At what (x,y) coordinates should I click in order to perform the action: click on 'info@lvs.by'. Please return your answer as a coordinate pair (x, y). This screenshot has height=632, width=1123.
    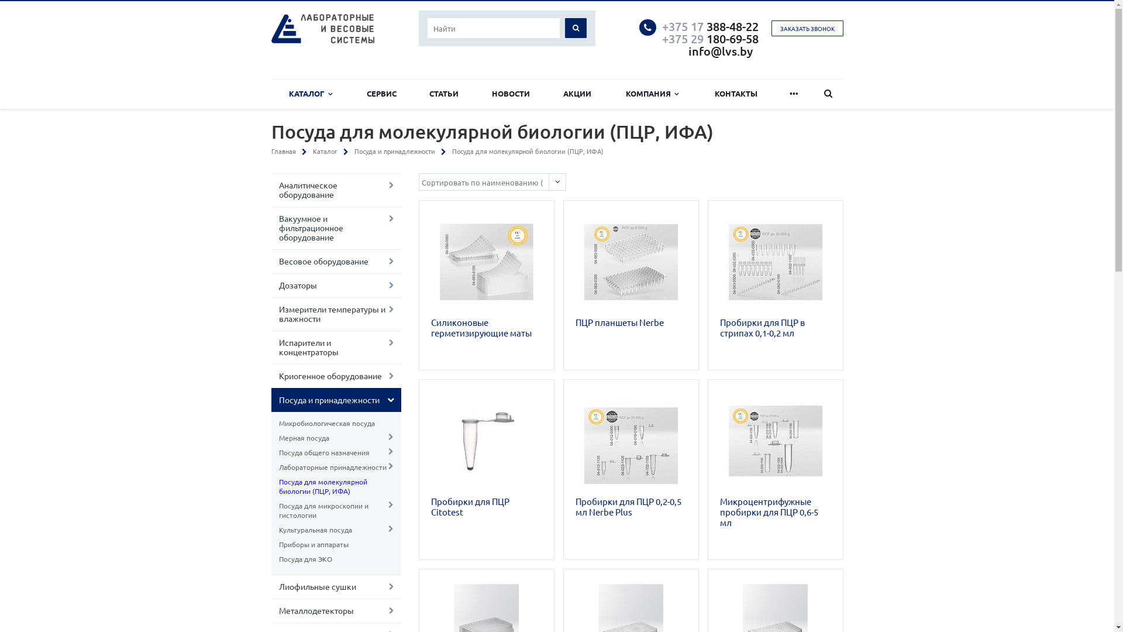
    Looking at the image, I should click on (719, 50).